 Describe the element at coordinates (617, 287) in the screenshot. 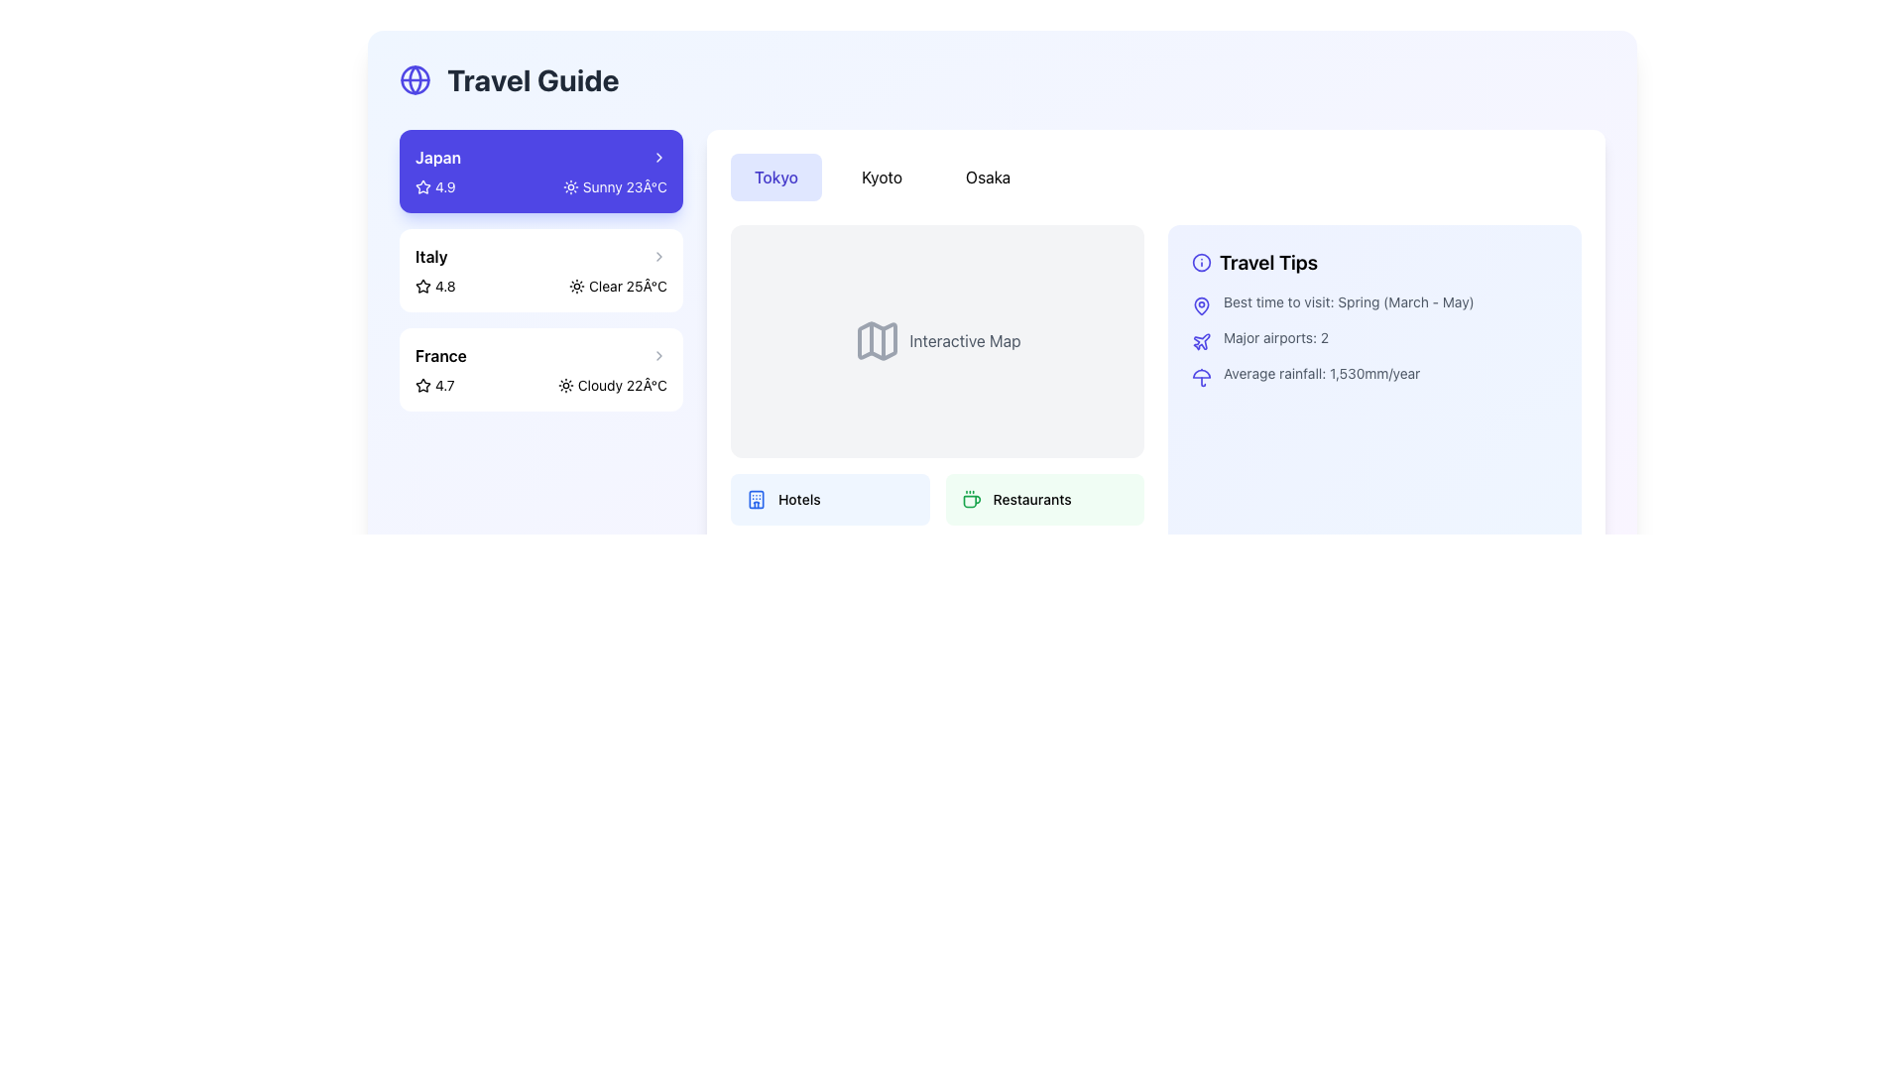

I see `the 'Clear 25°C' text and sun icon composite located in the second weather card (Italy) in the left sidebar, positioned below the Japan card and above the France card` at that location.